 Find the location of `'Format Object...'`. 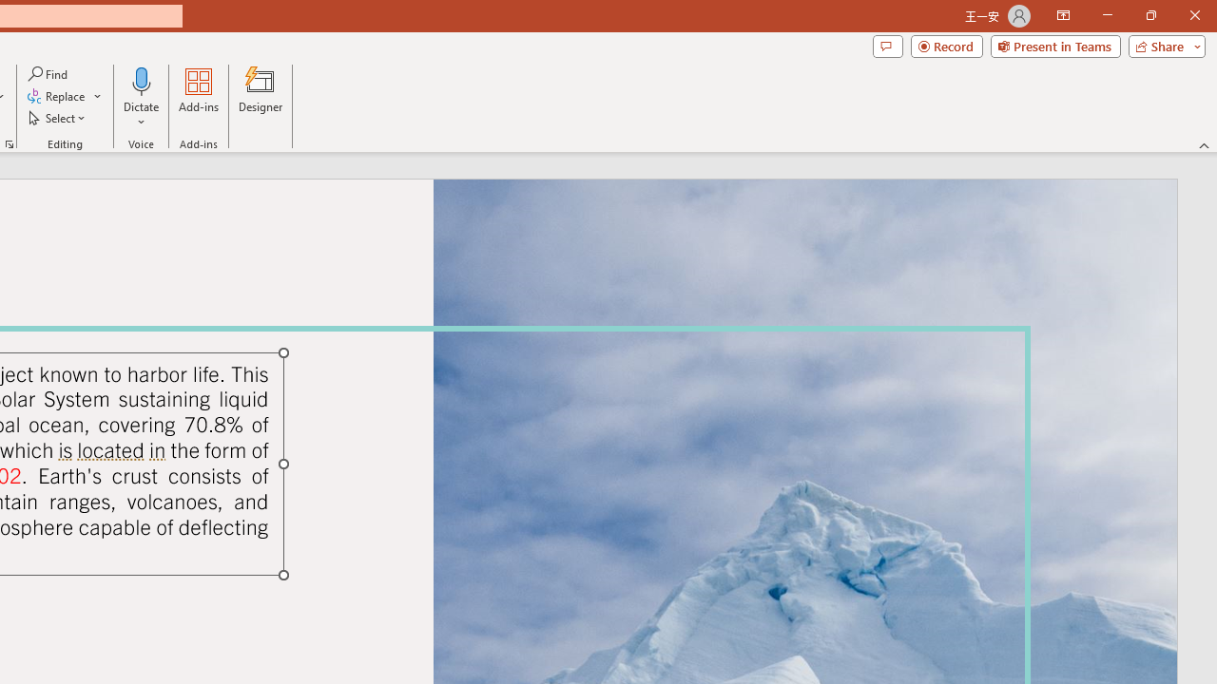

'Format Object...' is located at coordinates (10, 142).